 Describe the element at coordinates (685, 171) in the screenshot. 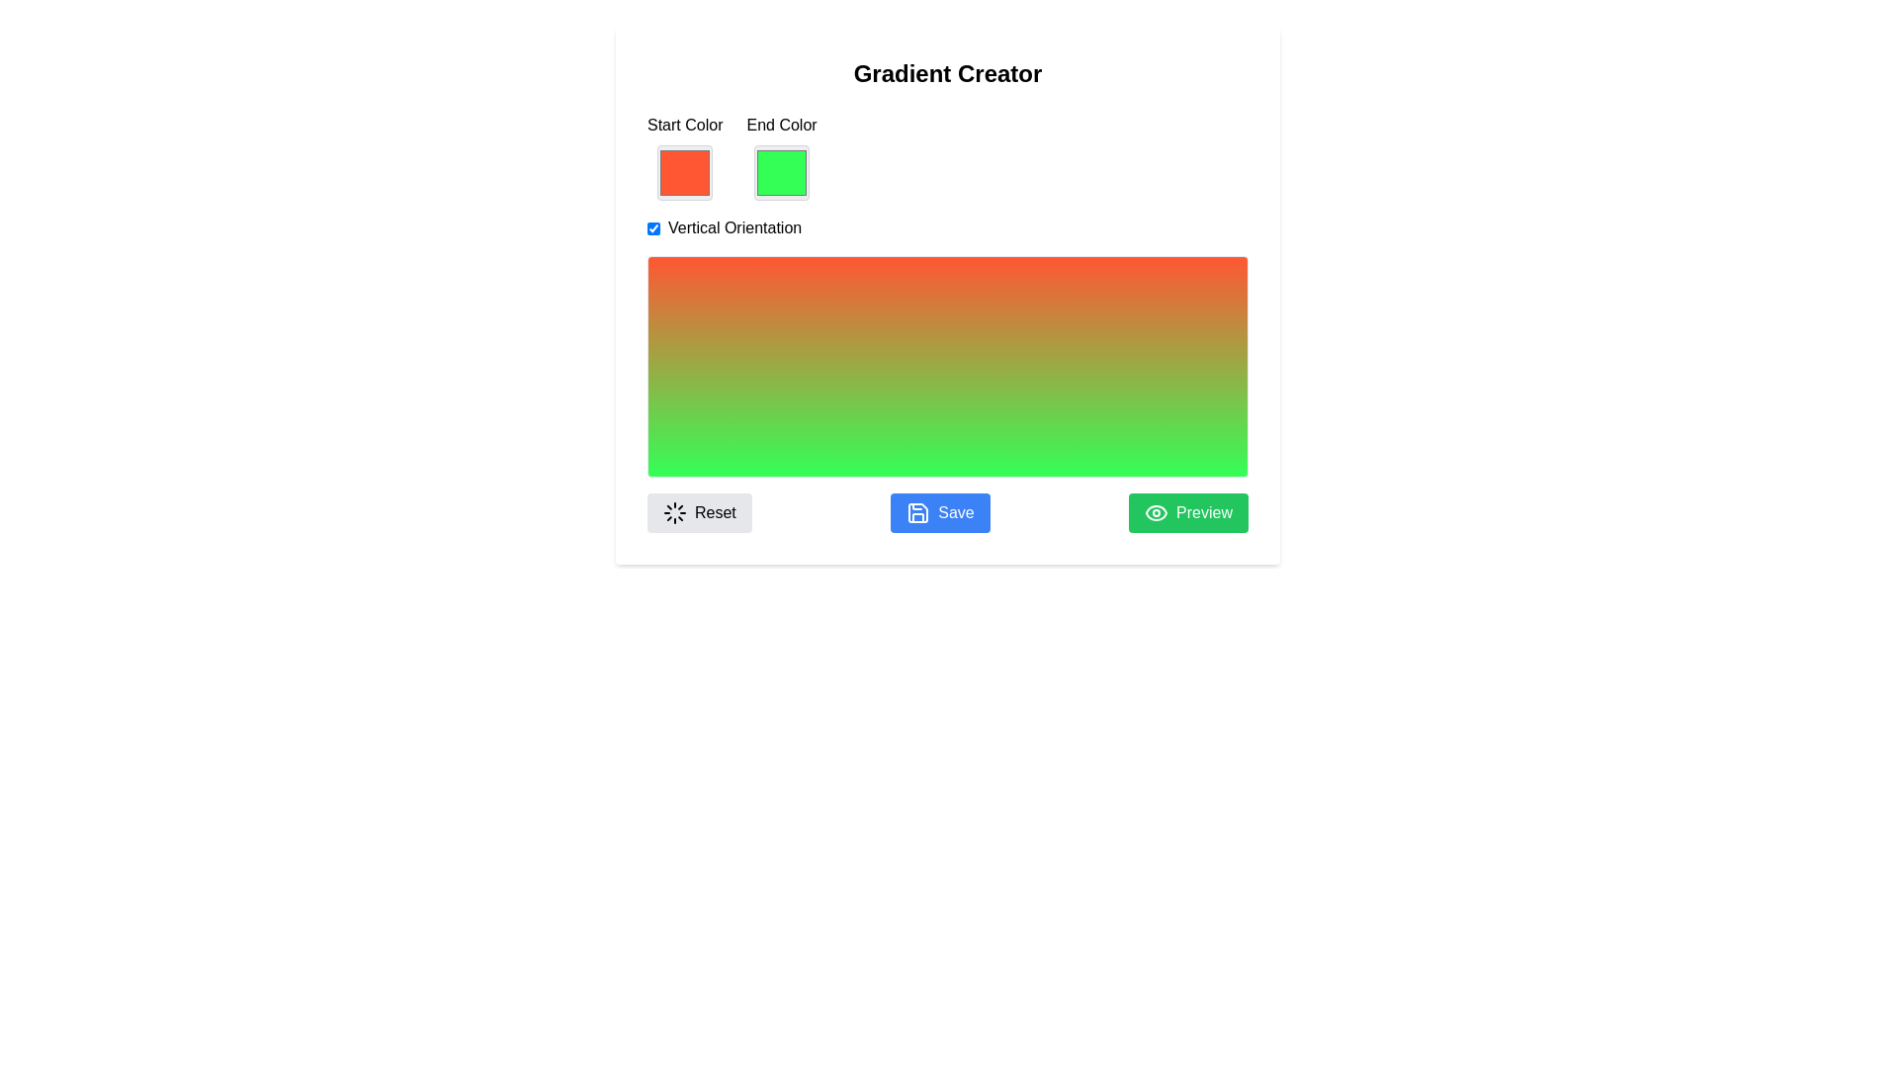

I see `the square color picker button with a solid orange fill located in the 'Start Color' section` at that location.